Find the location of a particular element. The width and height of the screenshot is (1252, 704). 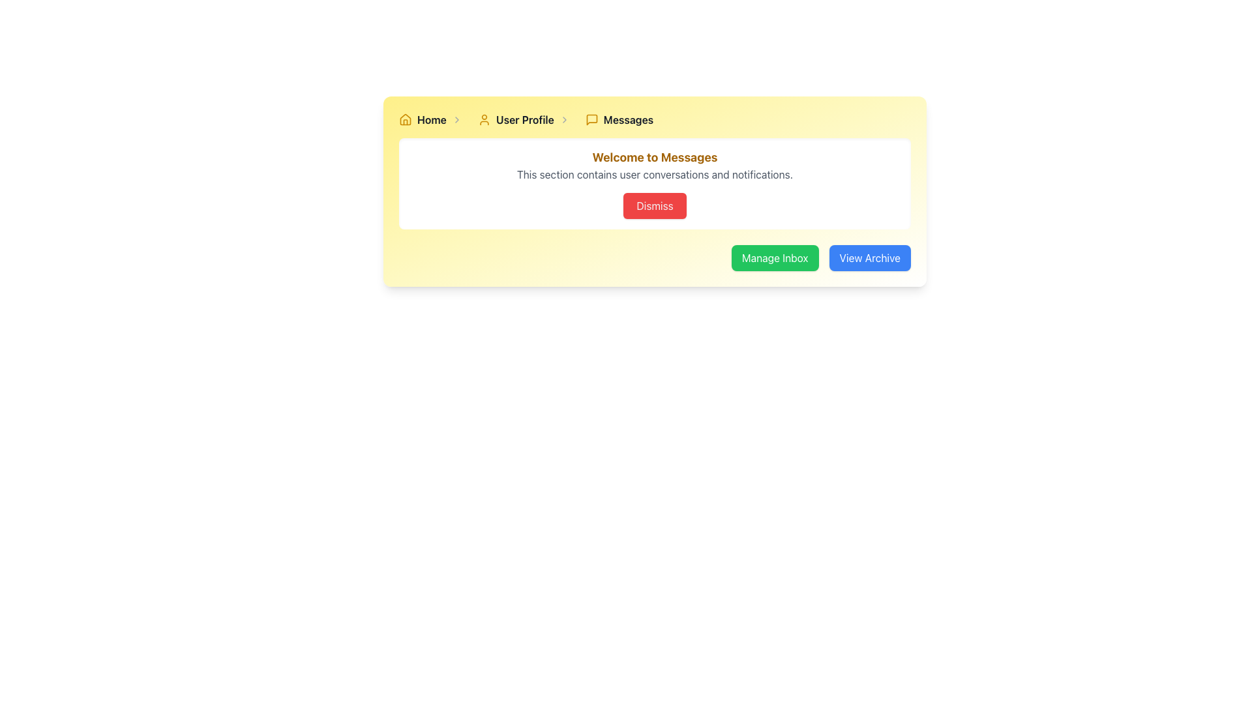

the second hyperlink in the breadcrumb list, located between 'Home' and 'Messages' is located at coordinates (526, 120).